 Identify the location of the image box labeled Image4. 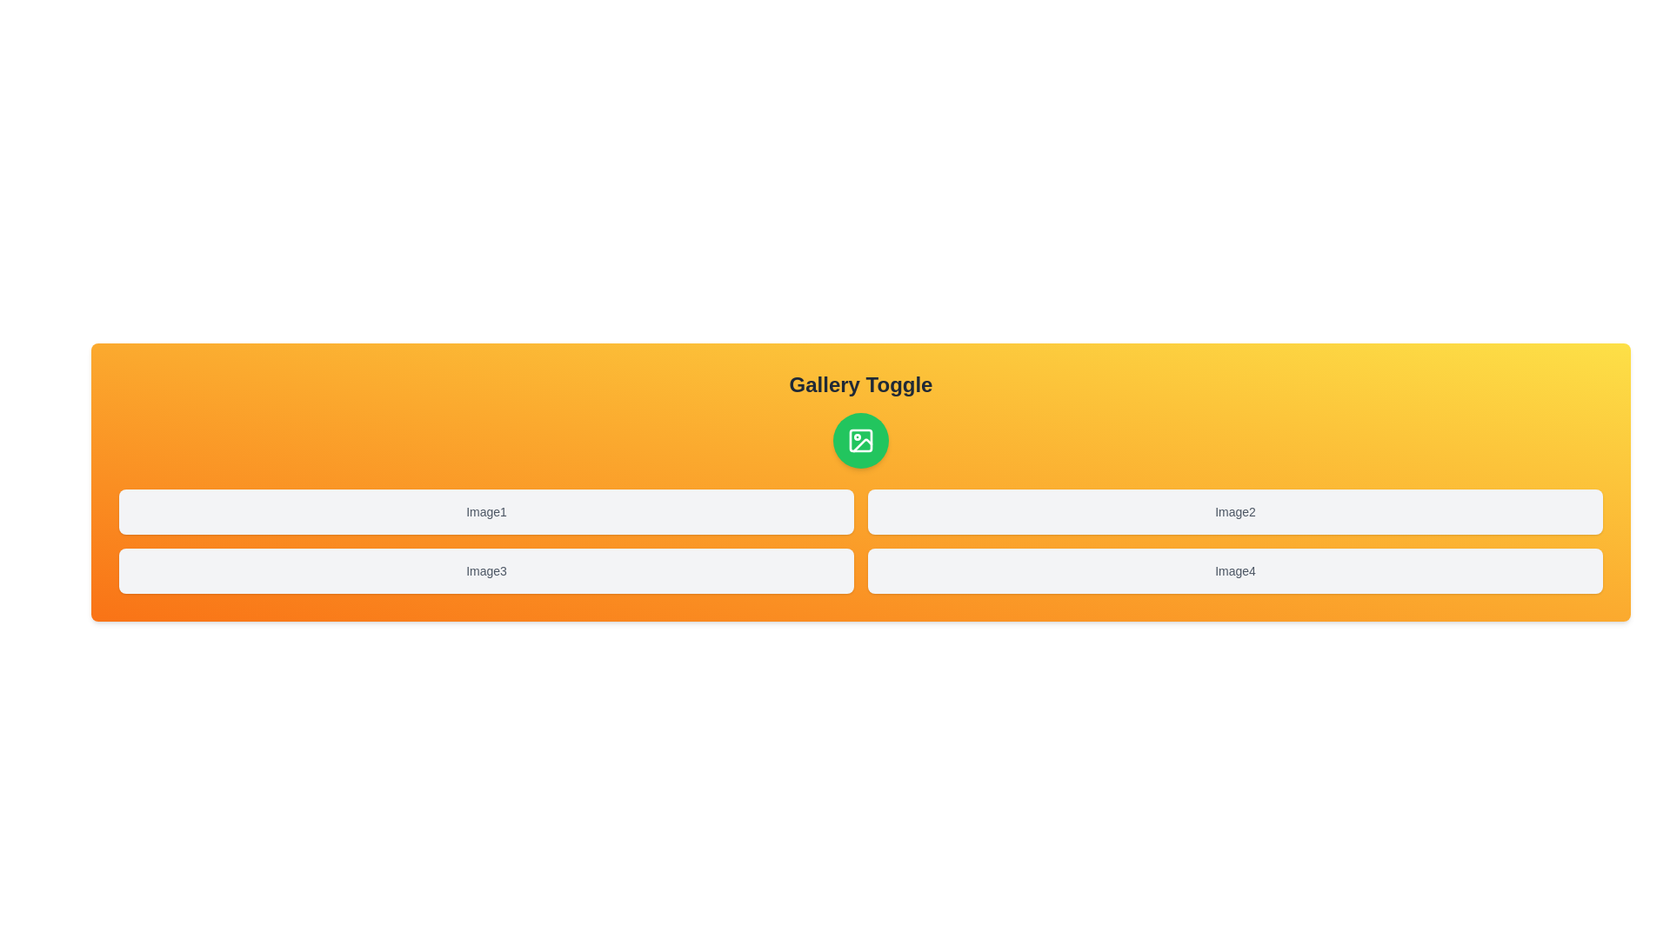
(1234, 570).